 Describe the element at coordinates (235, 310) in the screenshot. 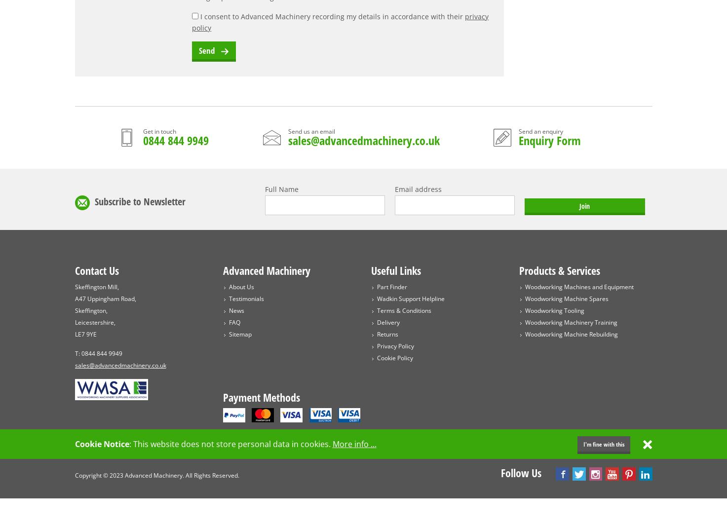

I see `'News'` at that location.